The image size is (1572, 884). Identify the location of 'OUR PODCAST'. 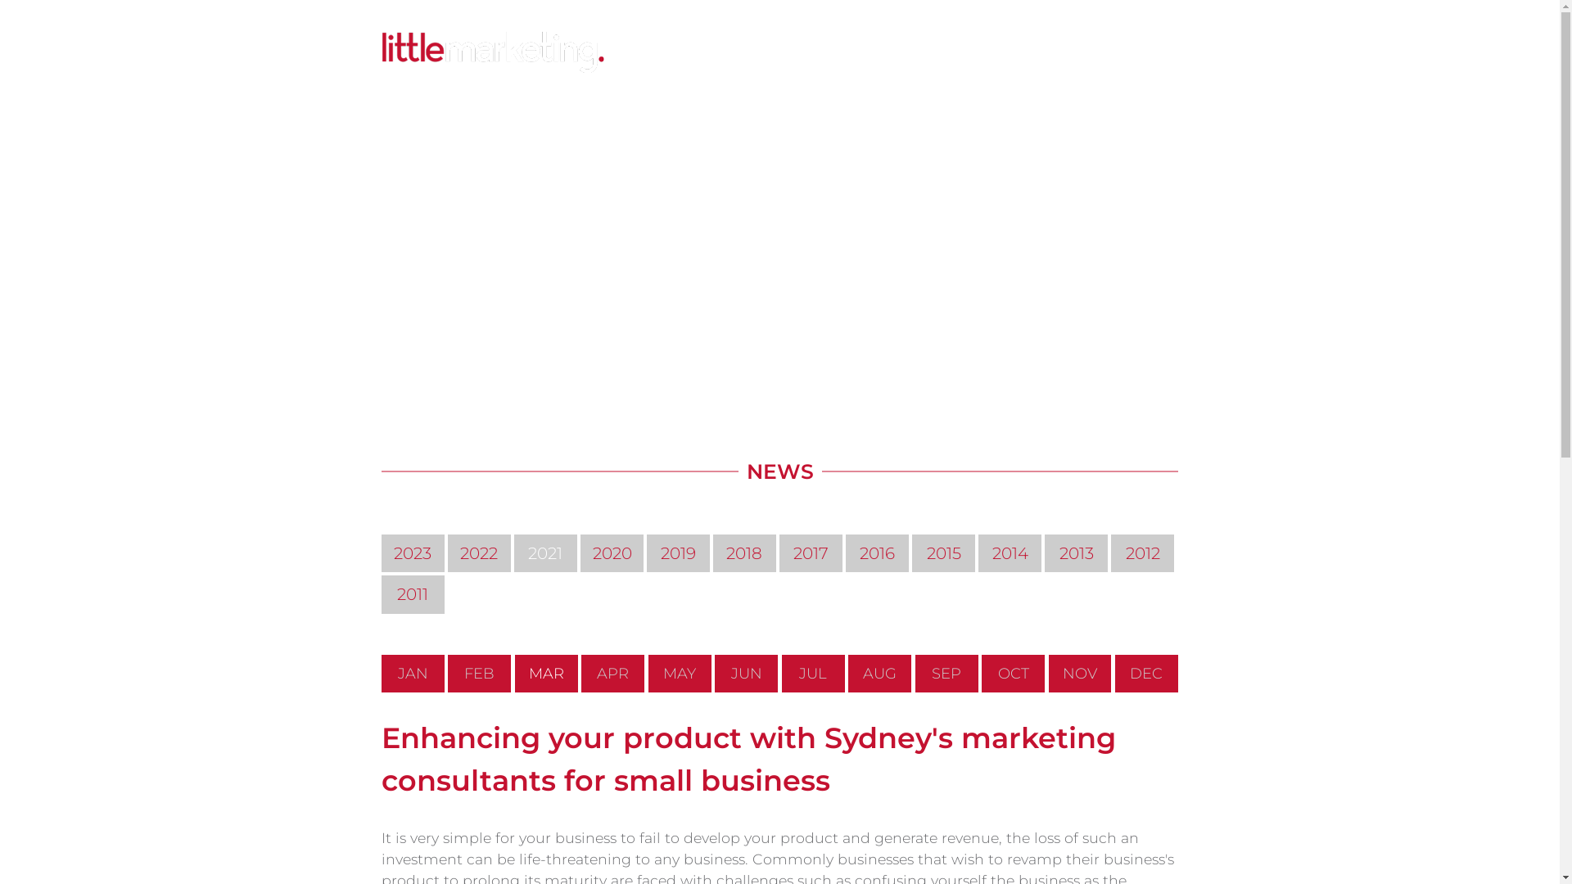
(944, 52).